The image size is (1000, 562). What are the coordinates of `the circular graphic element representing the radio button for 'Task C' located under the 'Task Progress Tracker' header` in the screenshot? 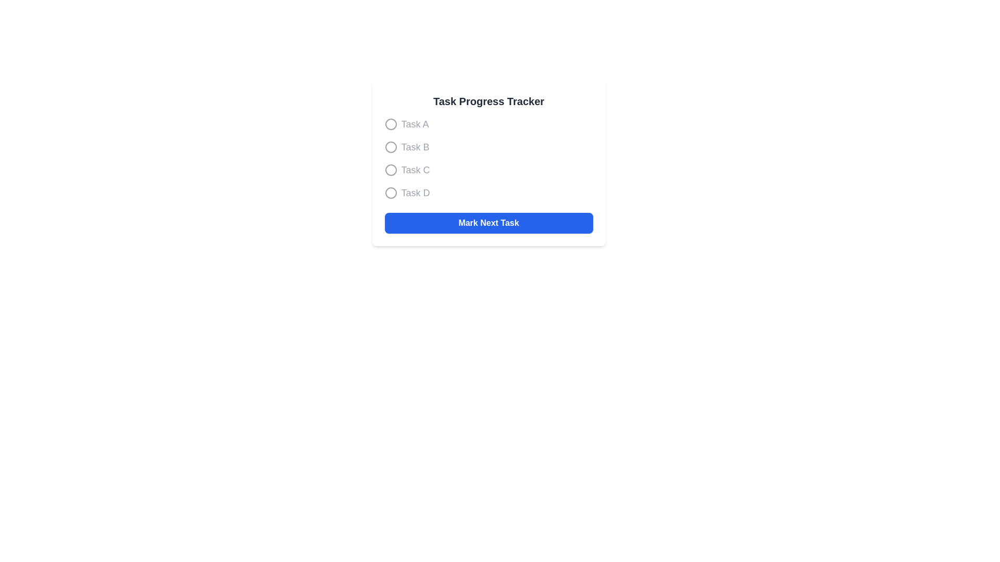 It's located at (390, 170).